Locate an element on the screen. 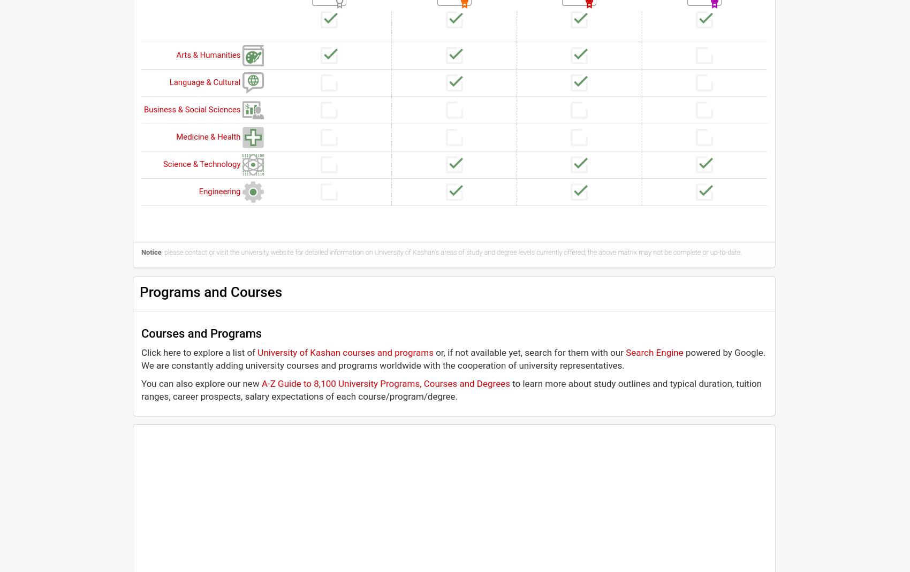 The image size is (910, 572). 'Language & Cultural' is located at coordinates (205, 81).